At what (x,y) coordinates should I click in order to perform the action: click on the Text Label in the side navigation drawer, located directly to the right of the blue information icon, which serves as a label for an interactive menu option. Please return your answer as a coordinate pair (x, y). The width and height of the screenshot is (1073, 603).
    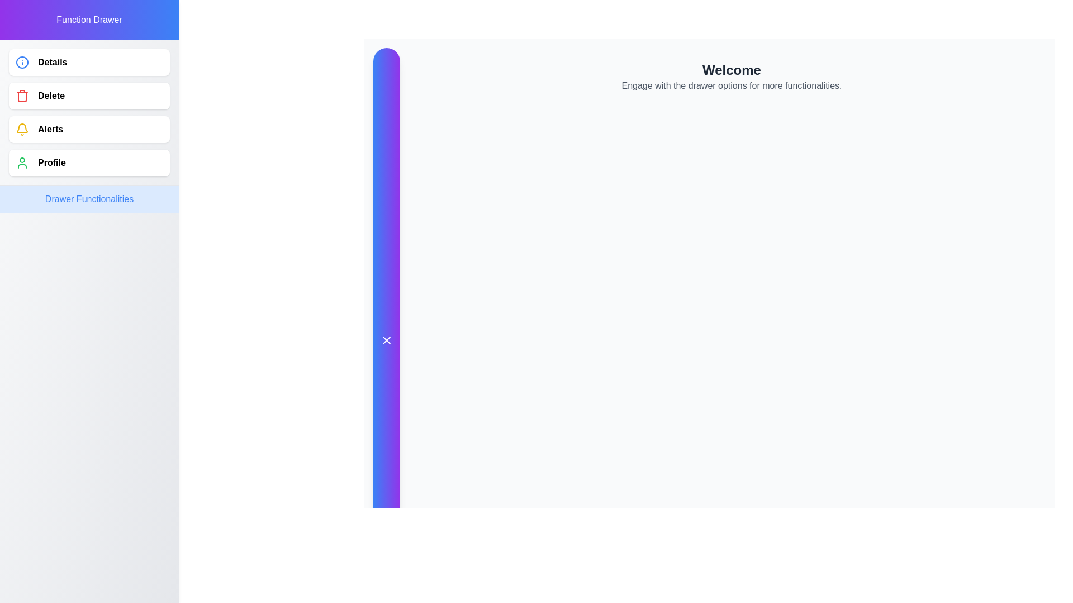
    Looking at the image, I should click on (52, 62).